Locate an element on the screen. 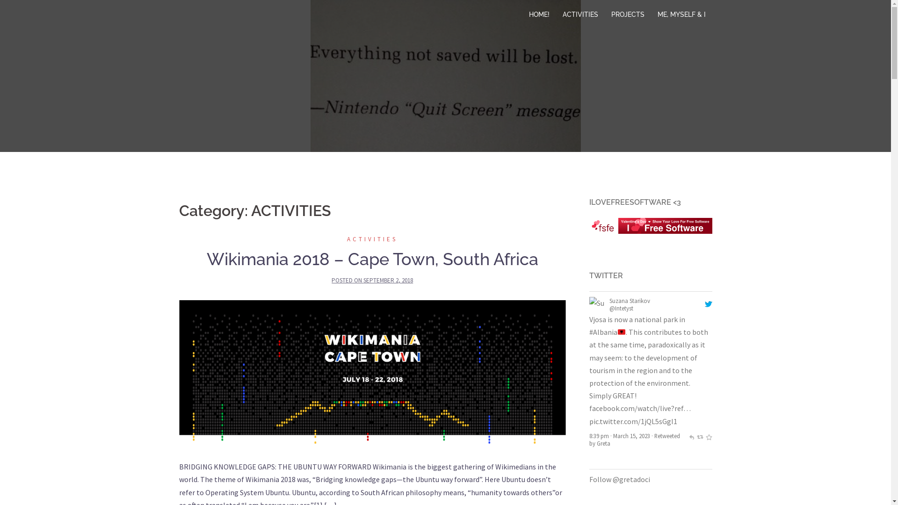  '@arianitd' is located at coordinates (622, 308).